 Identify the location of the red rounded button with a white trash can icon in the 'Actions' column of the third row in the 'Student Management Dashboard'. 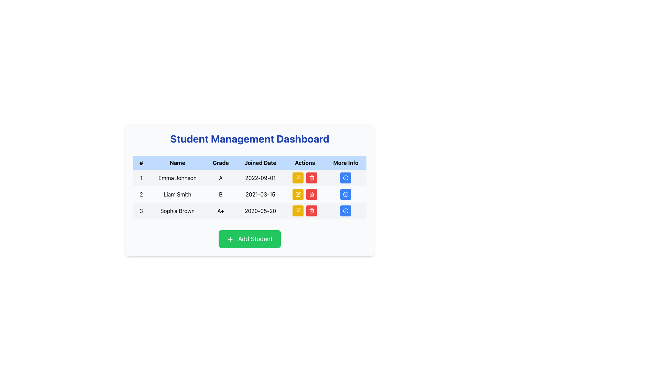
(311, 177).